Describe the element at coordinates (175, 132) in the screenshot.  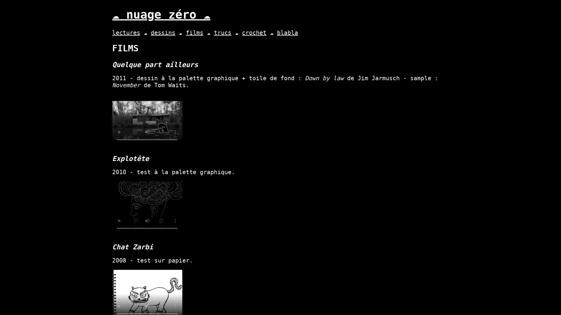
I see `show more media controls` at that location.